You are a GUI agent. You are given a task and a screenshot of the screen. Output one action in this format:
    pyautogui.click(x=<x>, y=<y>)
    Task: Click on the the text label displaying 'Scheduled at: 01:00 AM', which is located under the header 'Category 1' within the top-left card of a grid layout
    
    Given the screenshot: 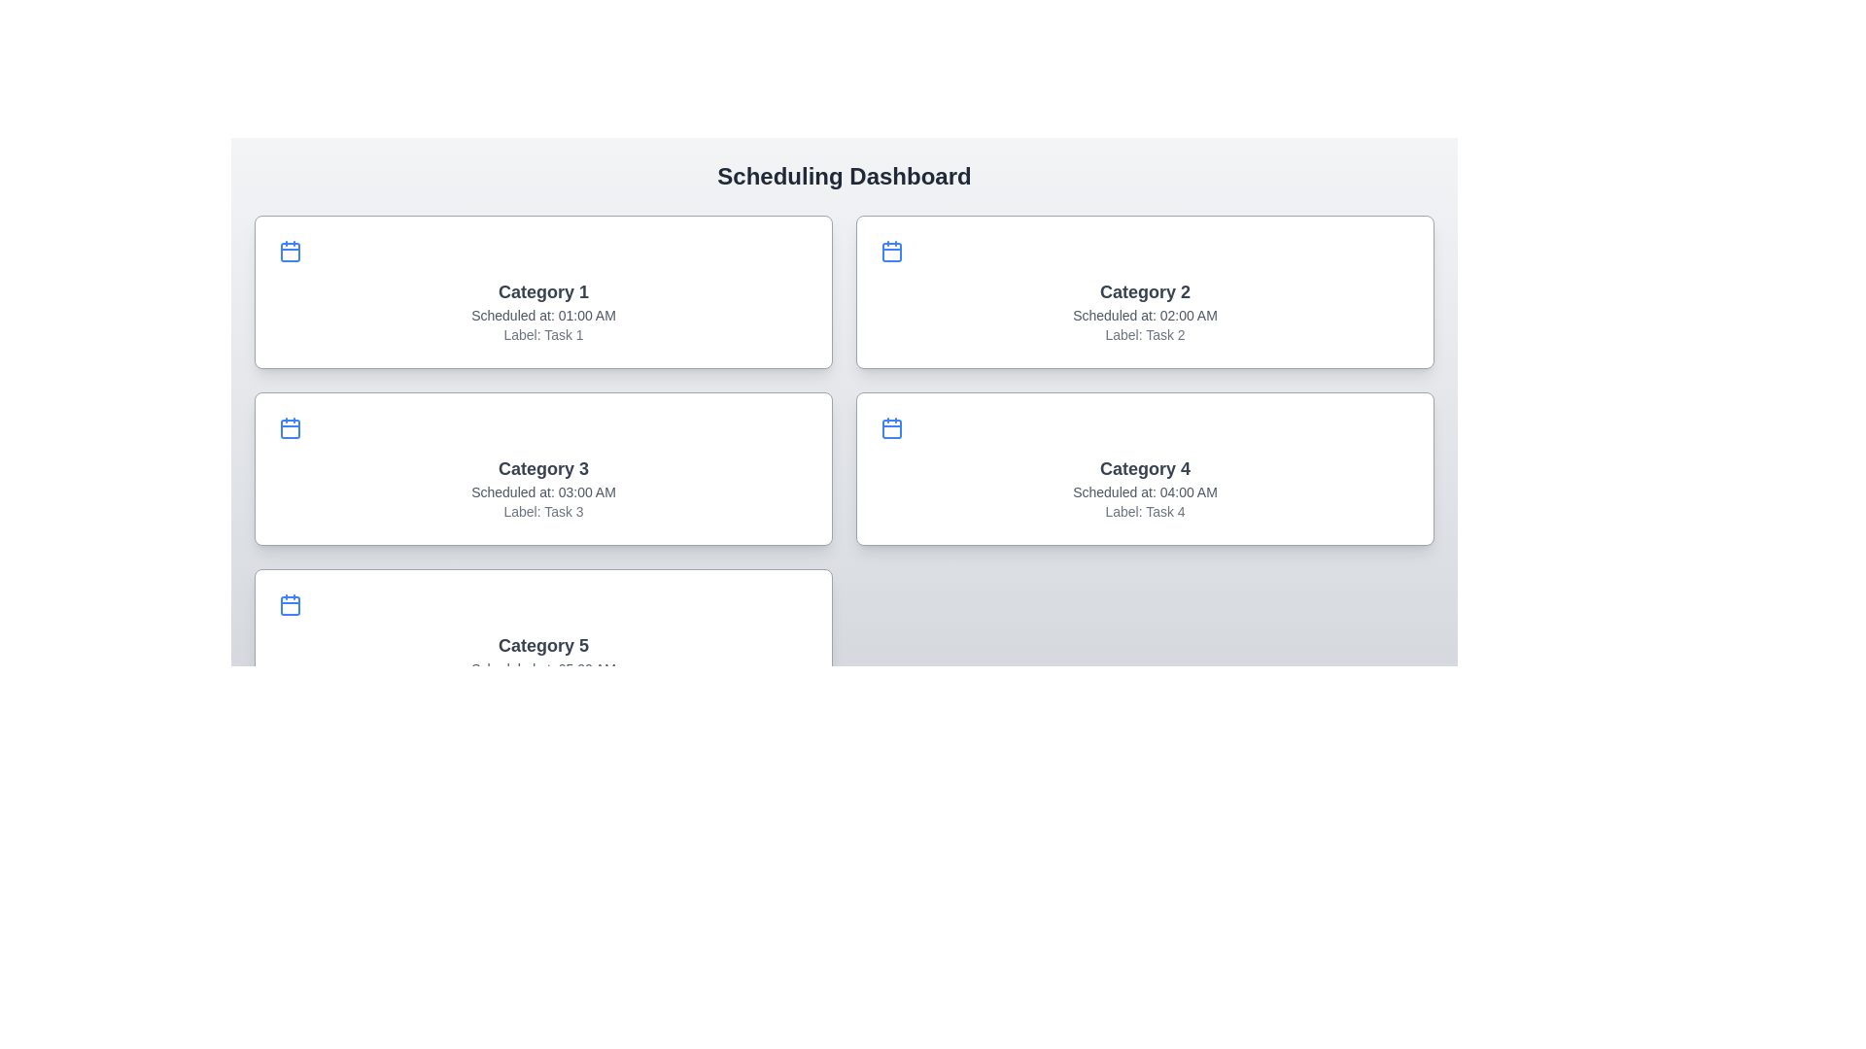 What is the action you would take?
    pyautogui.click(x=543, y=314)
    